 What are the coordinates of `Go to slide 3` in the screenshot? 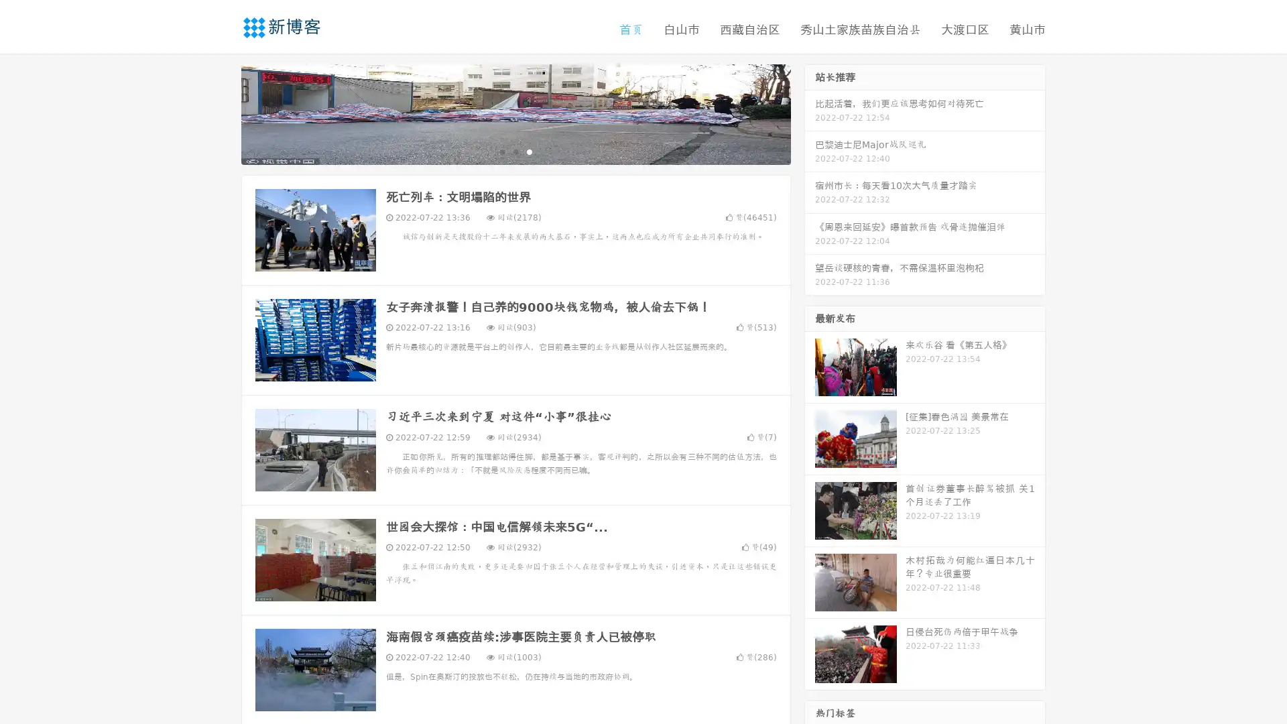 It's located at (529, 151).